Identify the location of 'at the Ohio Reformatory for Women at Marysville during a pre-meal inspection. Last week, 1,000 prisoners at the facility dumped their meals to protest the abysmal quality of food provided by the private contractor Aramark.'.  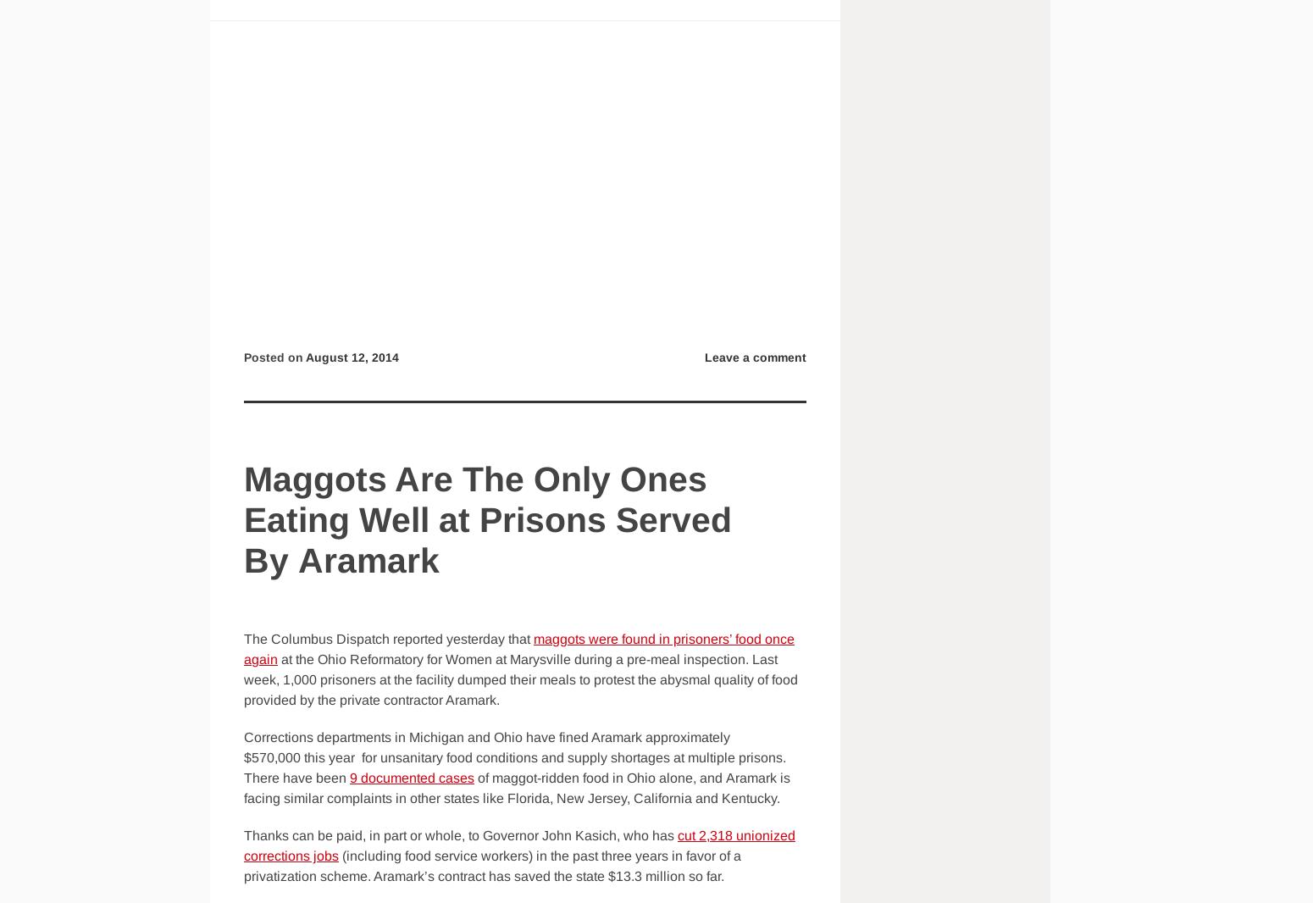
(521, 679).